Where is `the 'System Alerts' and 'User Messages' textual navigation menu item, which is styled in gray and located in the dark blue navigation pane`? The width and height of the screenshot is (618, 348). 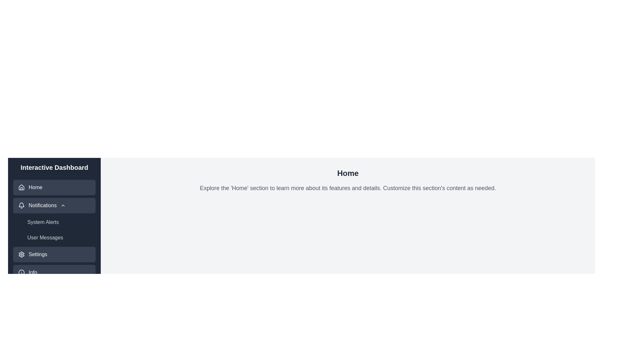
the 'System Alerts' and 'User Messages' textual navigation menu item, which is styled in gray and located in the dark blue navigation pane is located at coordinates (54, 229).